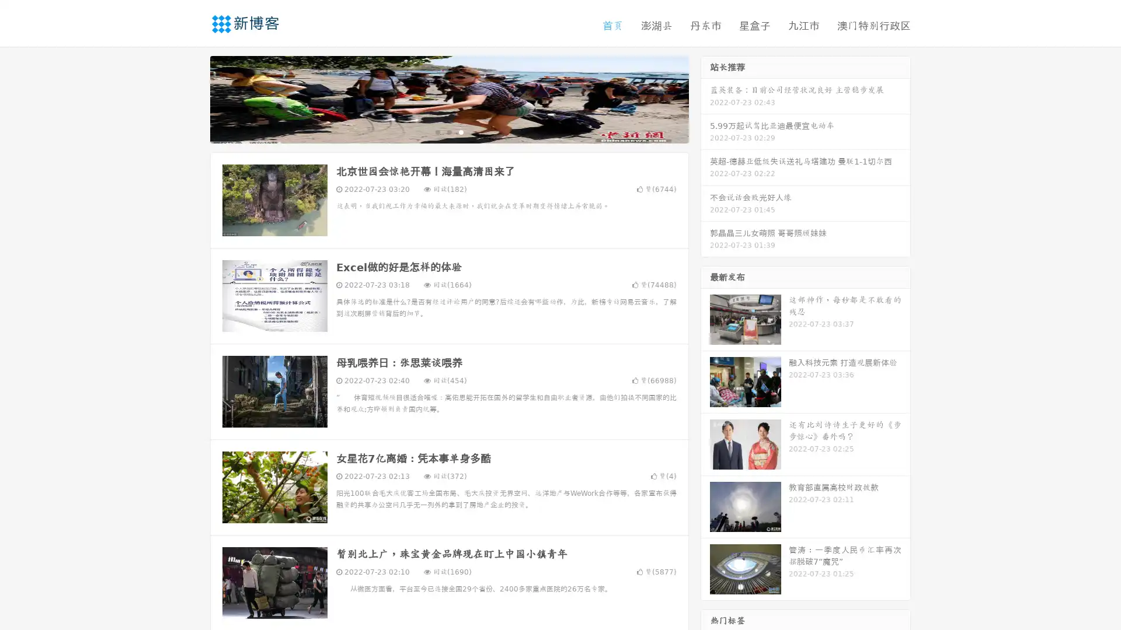 Image resolution: width=1121 pixels, height=630 pixels. What do you see at coordinates (193, 98) in the screenshot?
I see `Previous slide` at bounding box center [193, 98].